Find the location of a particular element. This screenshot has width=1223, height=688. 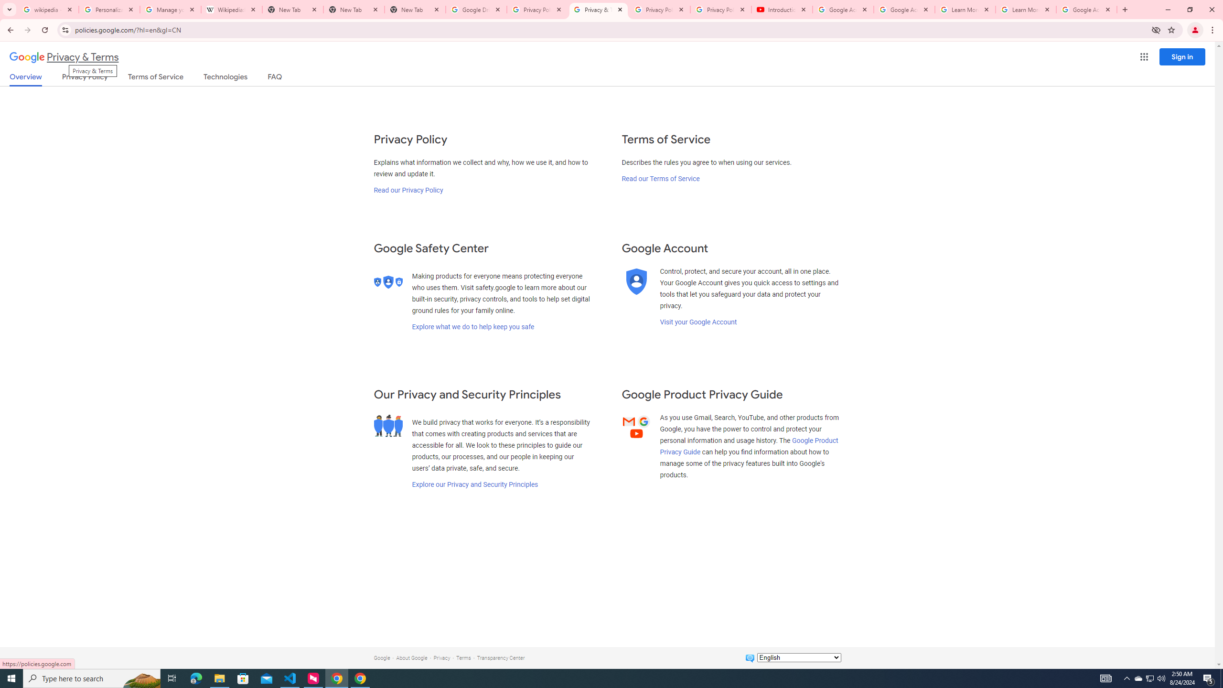

'Read our Privacy Policy' is located at coordinates (407, 190).